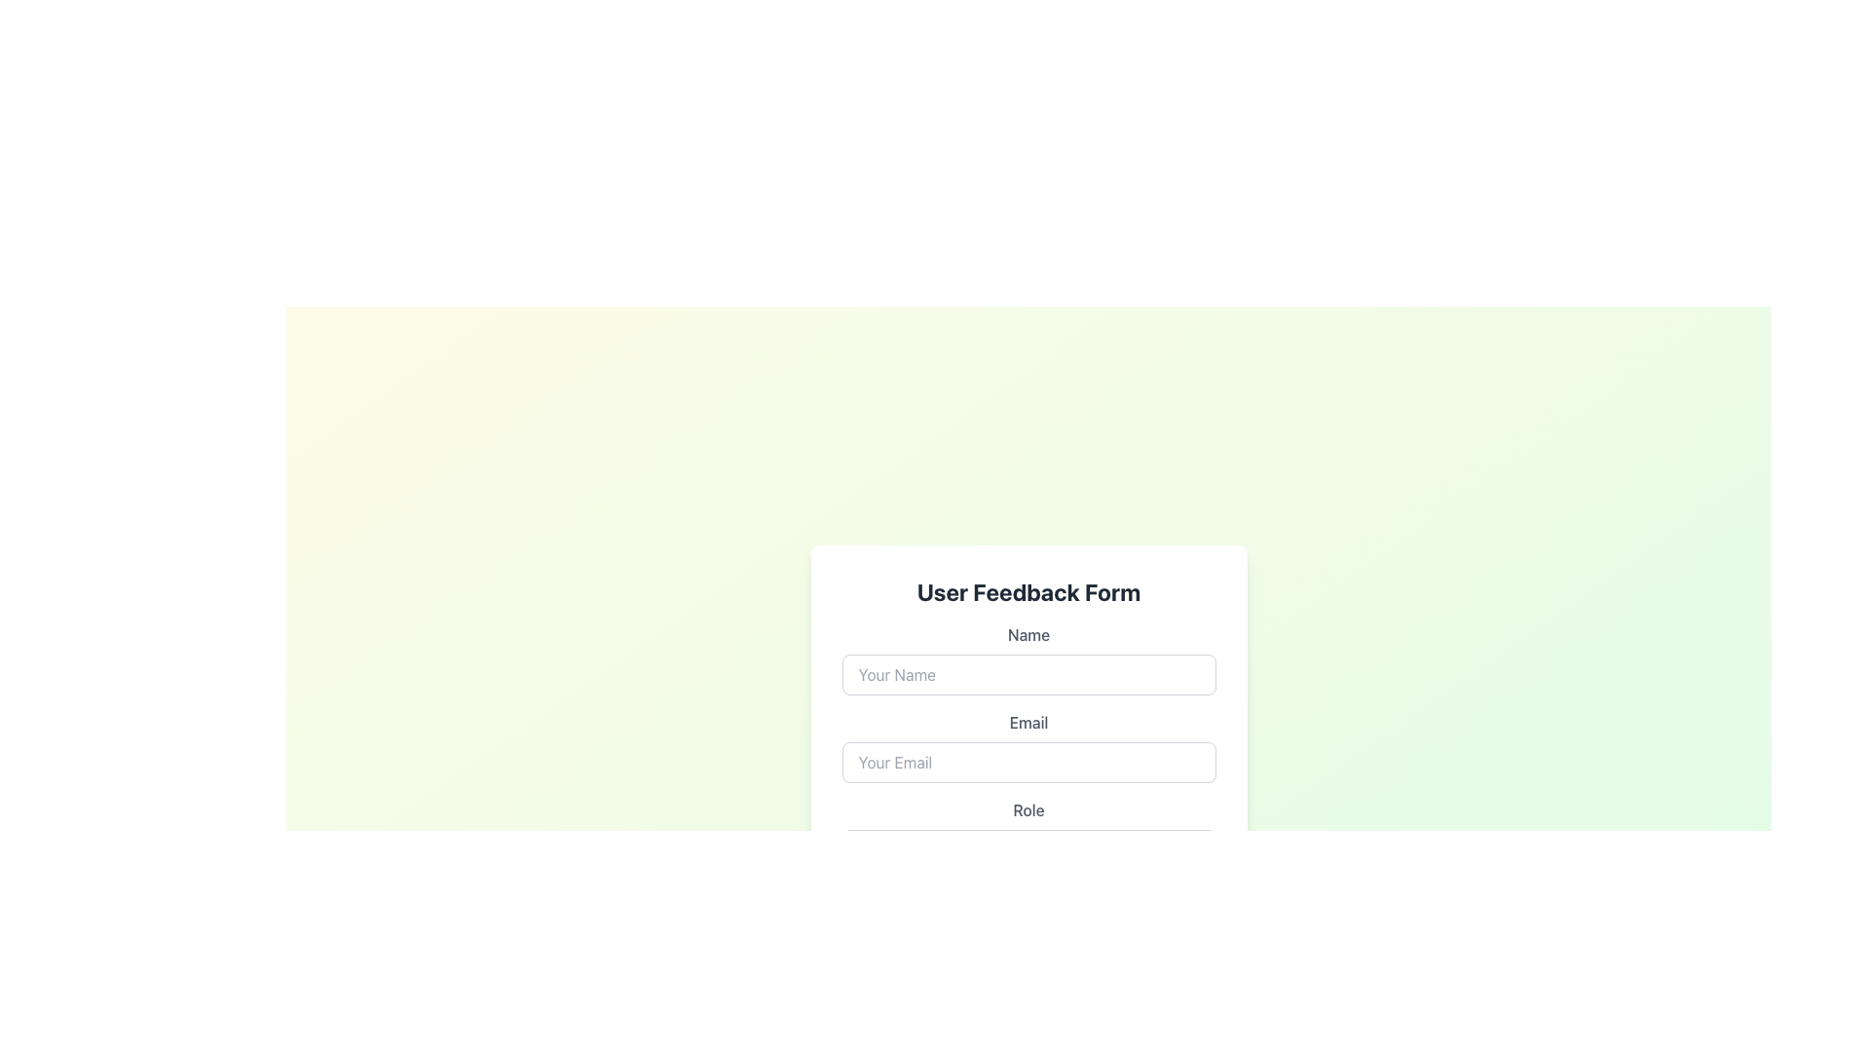 The height and width of the screenshot is (1052, 1870). What do you see at coordinates (1028, 591) in the screenshot?
I see `the 'User Feedback Form' header, which is a bold and prominent text at the top of the feedback form card` at bounding box center [1028, 591].